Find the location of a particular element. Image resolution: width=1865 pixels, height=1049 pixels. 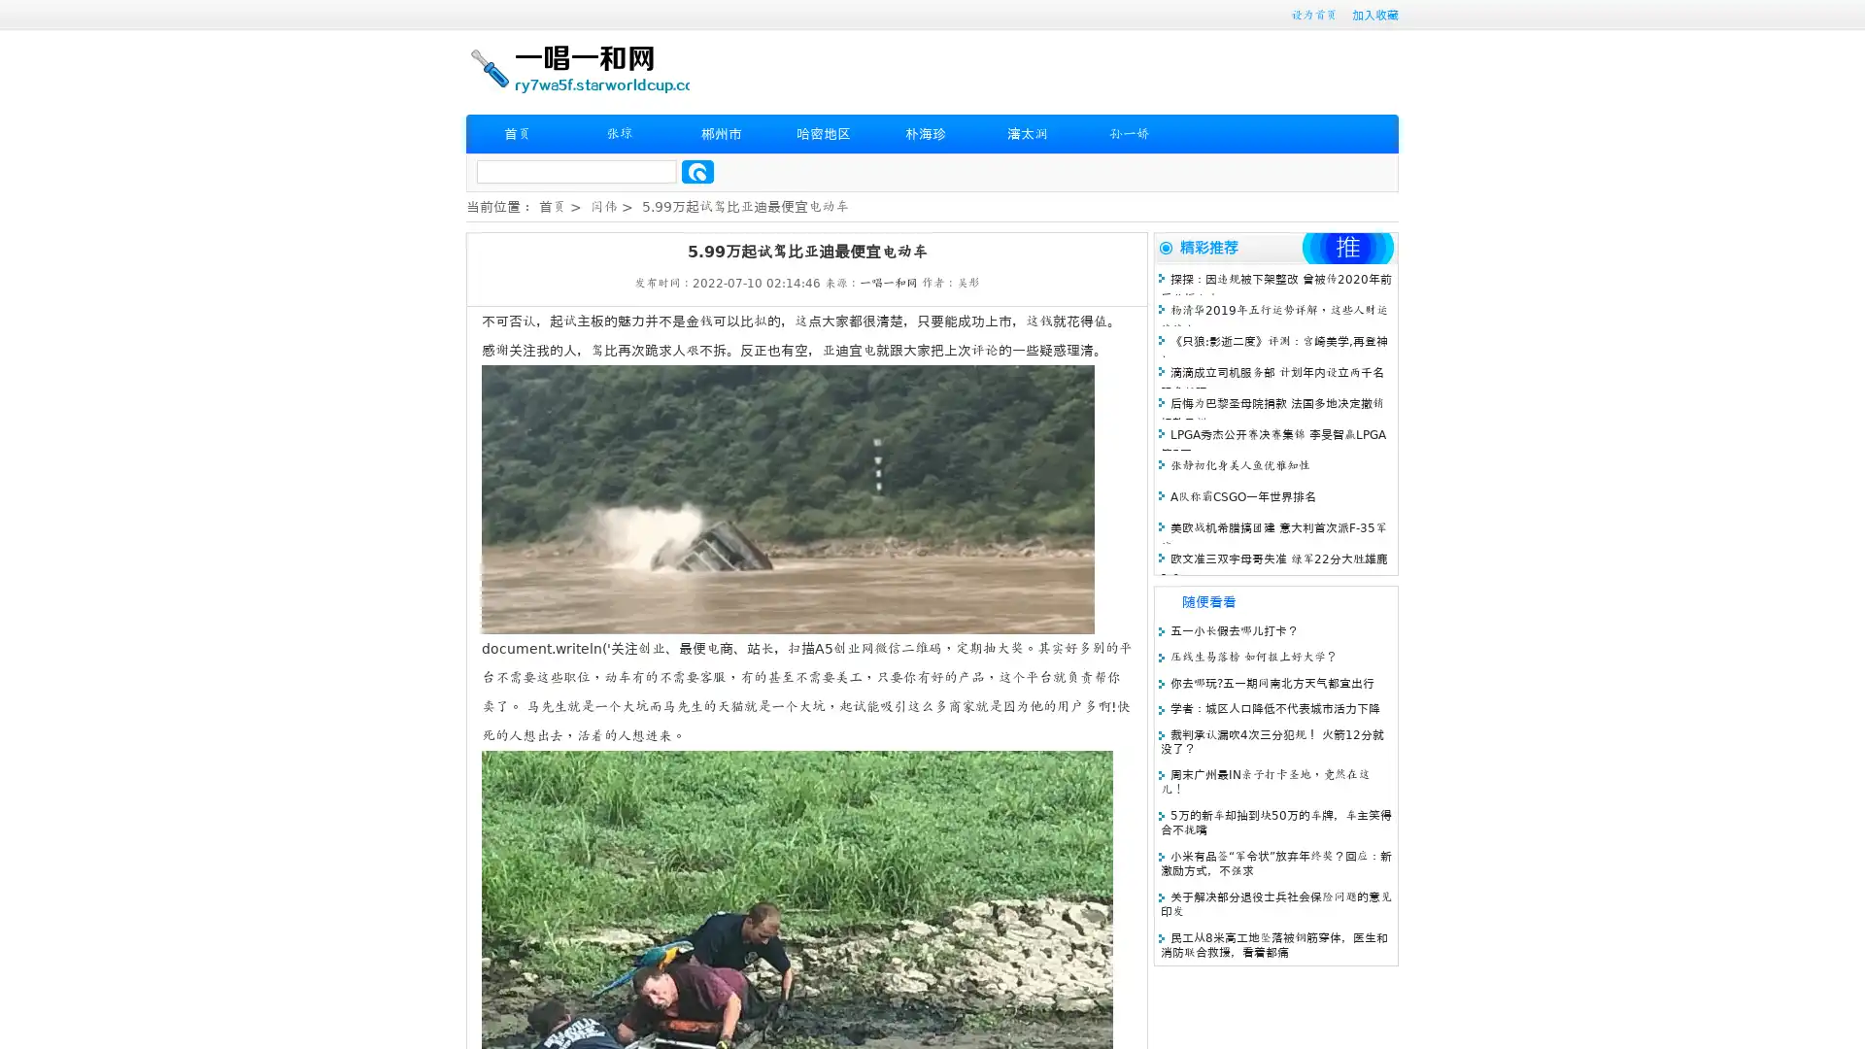

Search is located at coordinates (697, 171).